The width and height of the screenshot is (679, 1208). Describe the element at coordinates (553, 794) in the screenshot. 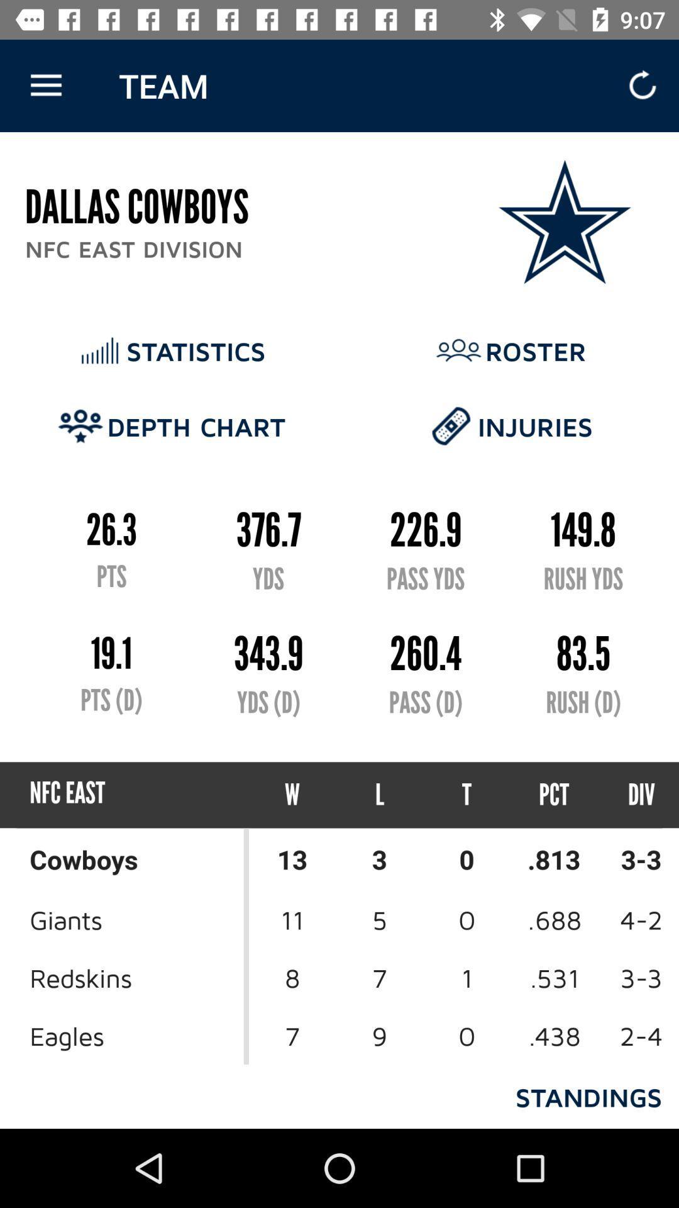

I see `pct item` at that location.